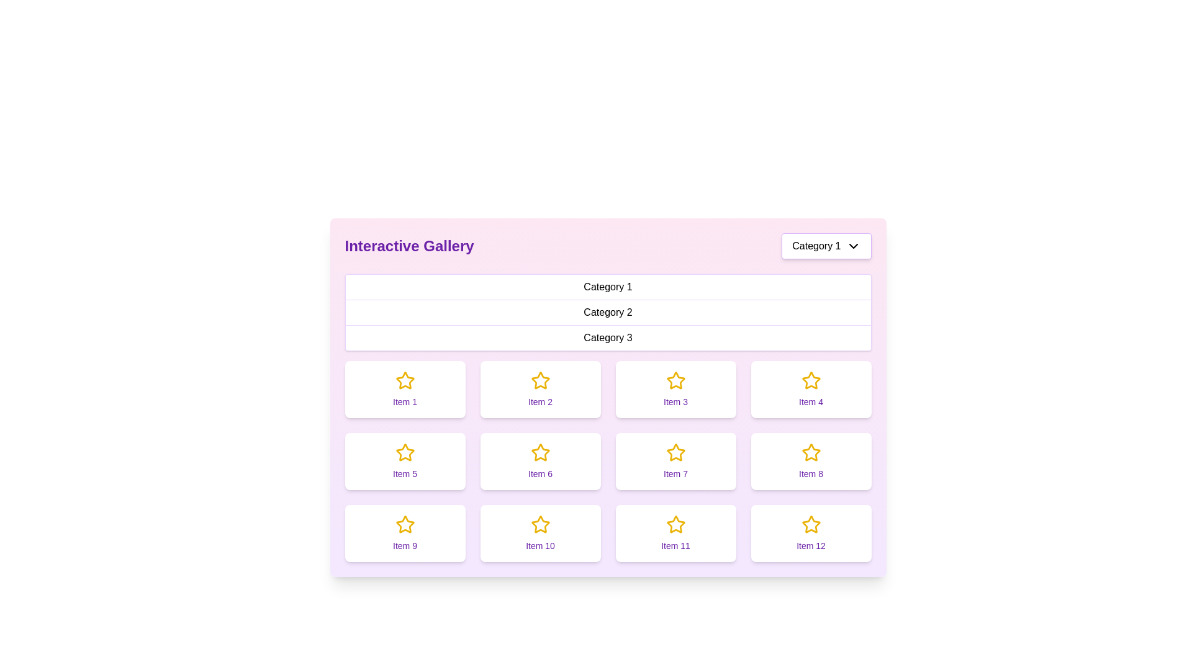 The image size is (1192, 670). Describe the element at coordinates (811, 524) in the screenshot. I see `the brightly-colored hollow yellow star icon outlined with a solid yellow border, located in the bottom-right corner of the 4x3 grid layout, labeled as 'Item 12'` at that location.